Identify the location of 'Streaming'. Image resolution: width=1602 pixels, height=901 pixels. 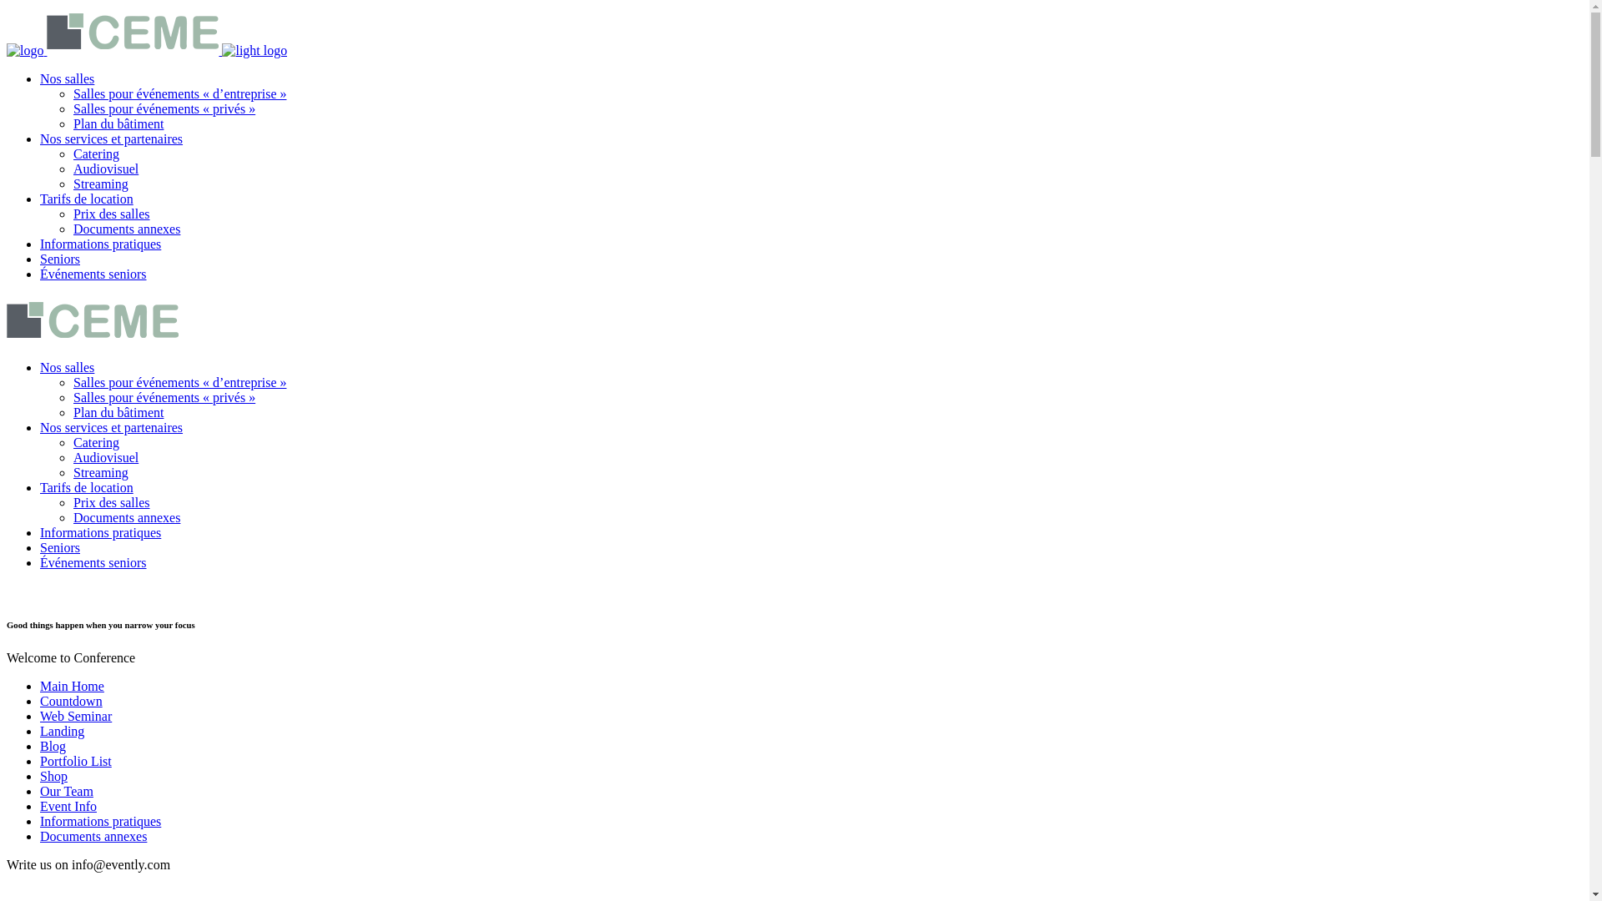
(99, 472).